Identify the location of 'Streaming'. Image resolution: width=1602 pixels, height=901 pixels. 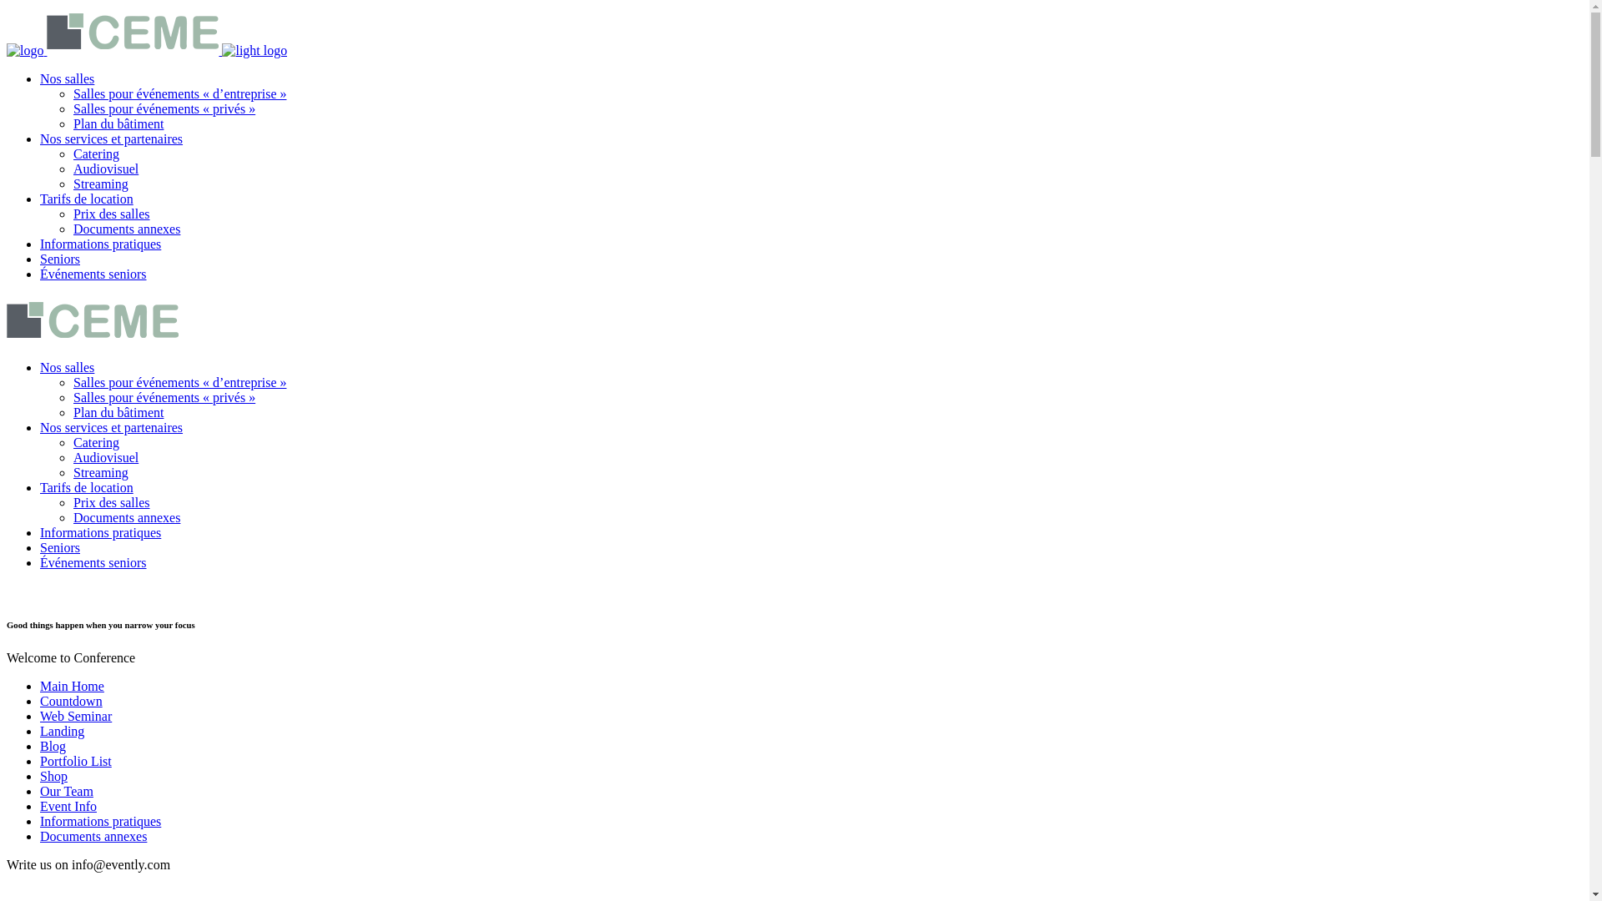
(99, 472).